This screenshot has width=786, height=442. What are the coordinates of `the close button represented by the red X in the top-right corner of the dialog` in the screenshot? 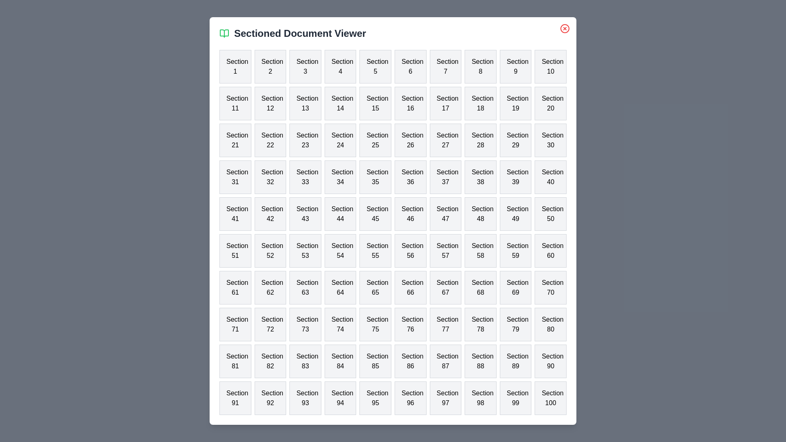 It's located at (565, 28).